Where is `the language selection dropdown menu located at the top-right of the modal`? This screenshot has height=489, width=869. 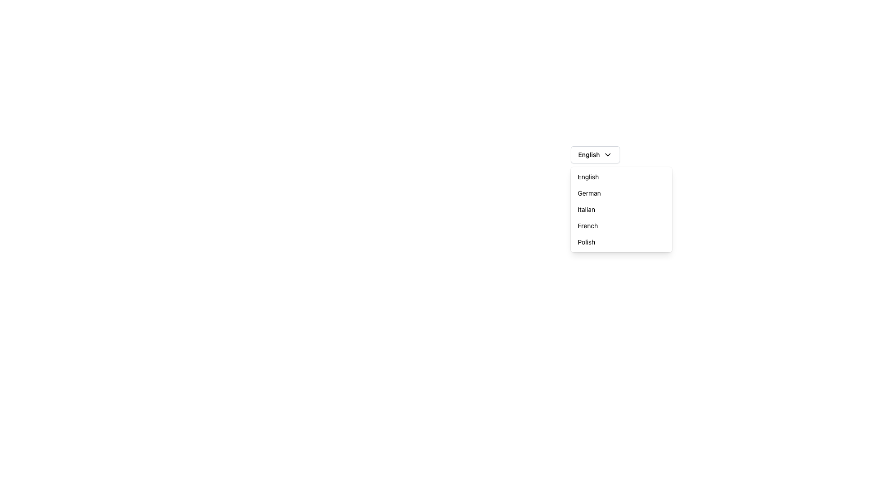
the language selection dropdown menu located at the top-right of the modal is located at coordinates (595, 154).